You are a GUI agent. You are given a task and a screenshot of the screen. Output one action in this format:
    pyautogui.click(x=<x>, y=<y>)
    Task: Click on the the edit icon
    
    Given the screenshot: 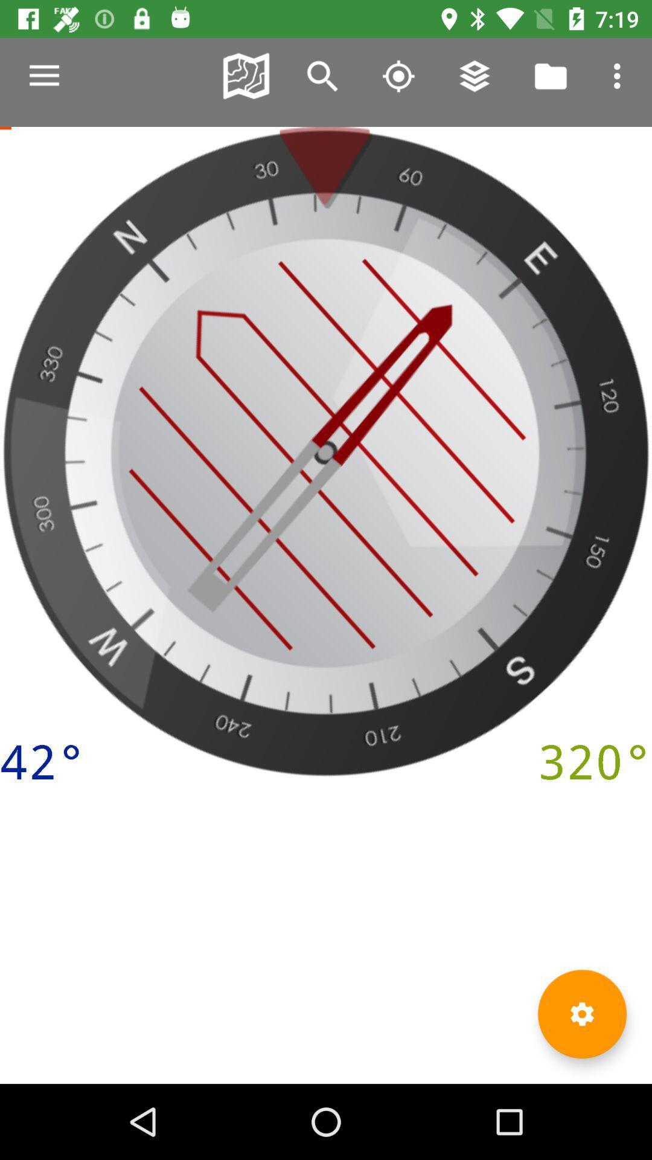 What is the action you would take?
    pyautogui.click(x=602, y=641)
    